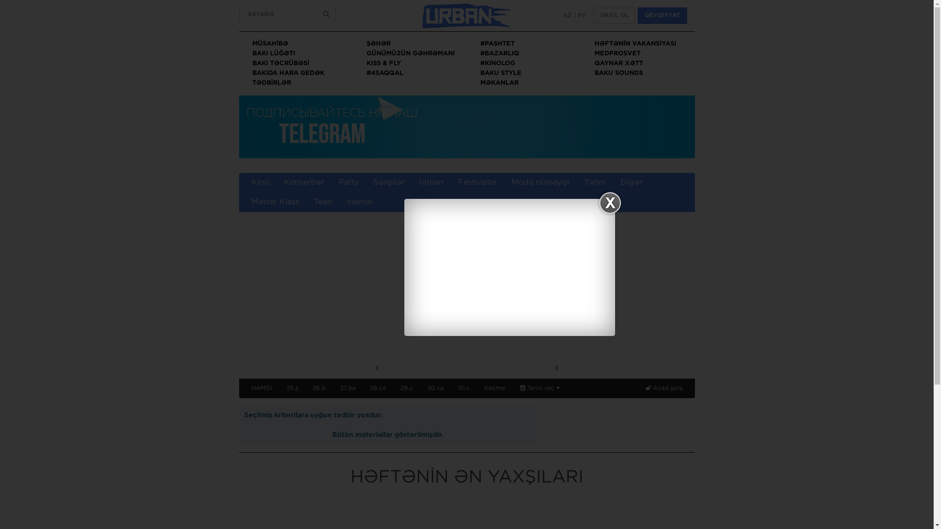 The height and width of the screenshot is (529, 941). I want to click on 'Festivallar', so click(477, 183).